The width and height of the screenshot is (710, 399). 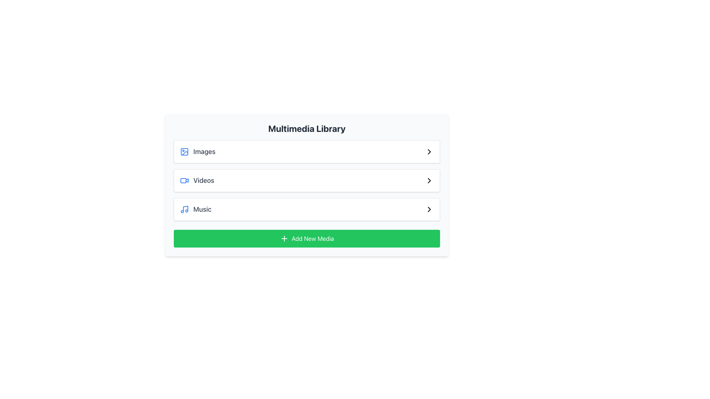 I want to click on the forward-pointing chevron icon with a black outline, located within the 'Music' entry of the 'Multimedia Library' card, to interact with it, so click(x=429, y=209).